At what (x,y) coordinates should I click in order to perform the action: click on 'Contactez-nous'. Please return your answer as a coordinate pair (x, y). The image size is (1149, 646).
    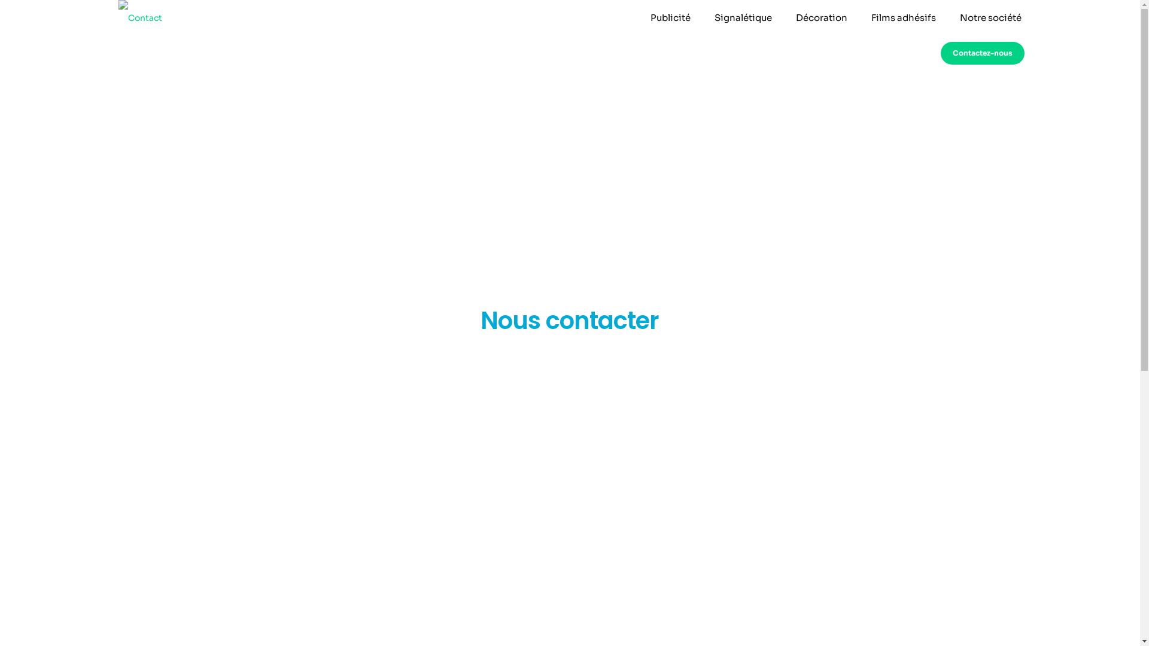
    Looking at the image, I should click on (982, 52).